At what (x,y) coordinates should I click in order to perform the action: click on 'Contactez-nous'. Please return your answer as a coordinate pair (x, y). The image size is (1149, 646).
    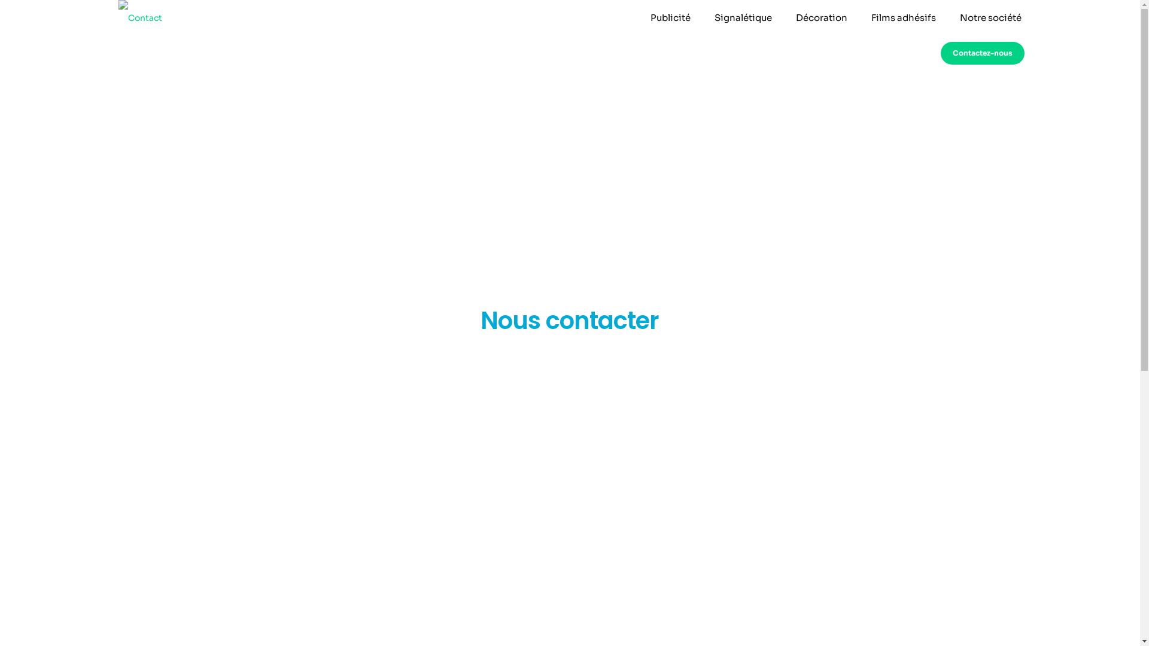
    Looking at the image, I should click on (982, 52).